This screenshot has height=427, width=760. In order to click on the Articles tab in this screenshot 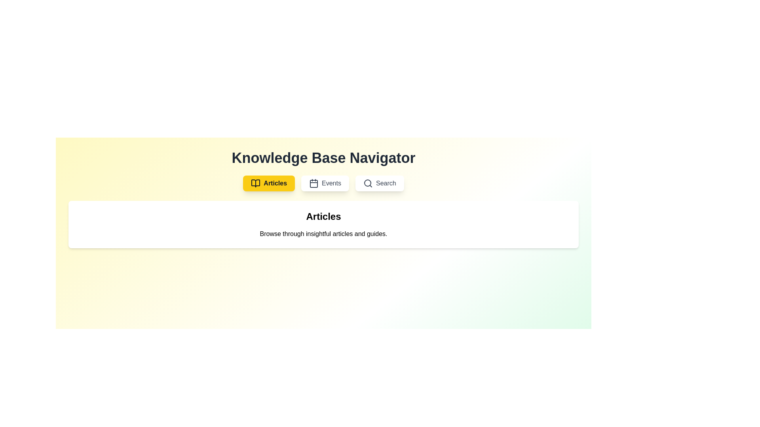, I will do `click(269, 183)`.